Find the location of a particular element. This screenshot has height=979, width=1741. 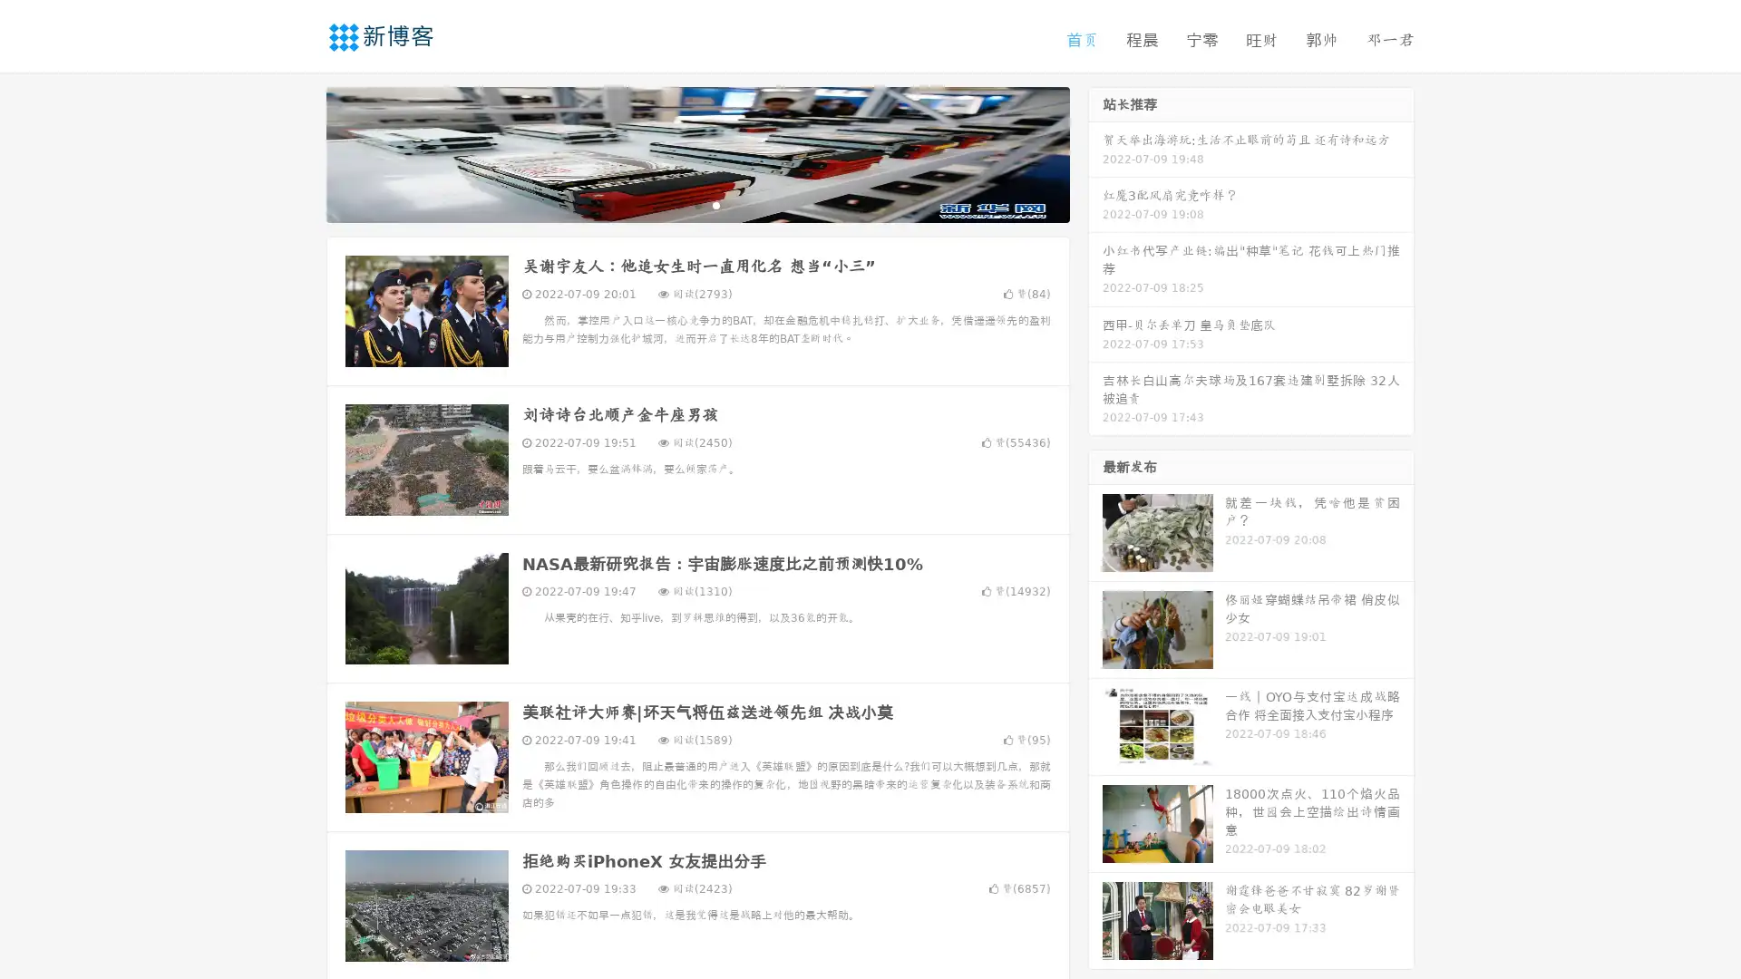

Go to slide 2 is located at coordinates (696, 204).